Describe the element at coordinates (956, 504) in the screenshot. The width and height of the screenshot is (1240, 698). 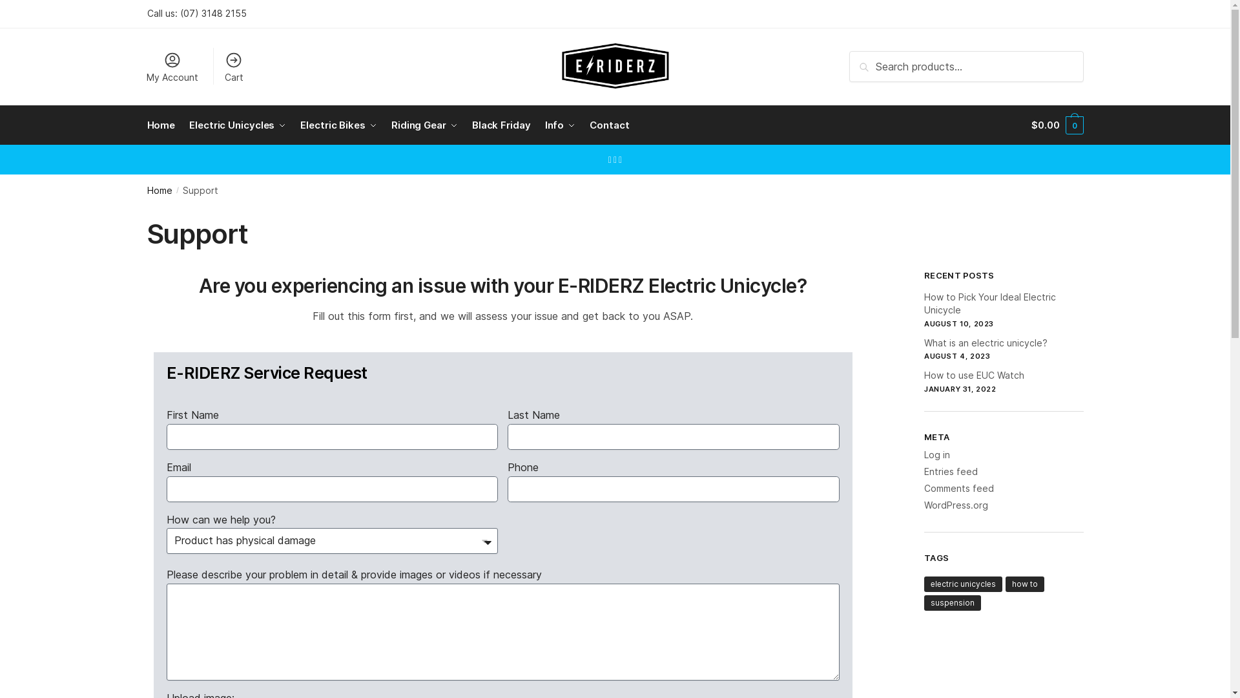
I see `'WordPress.org'` at that location.